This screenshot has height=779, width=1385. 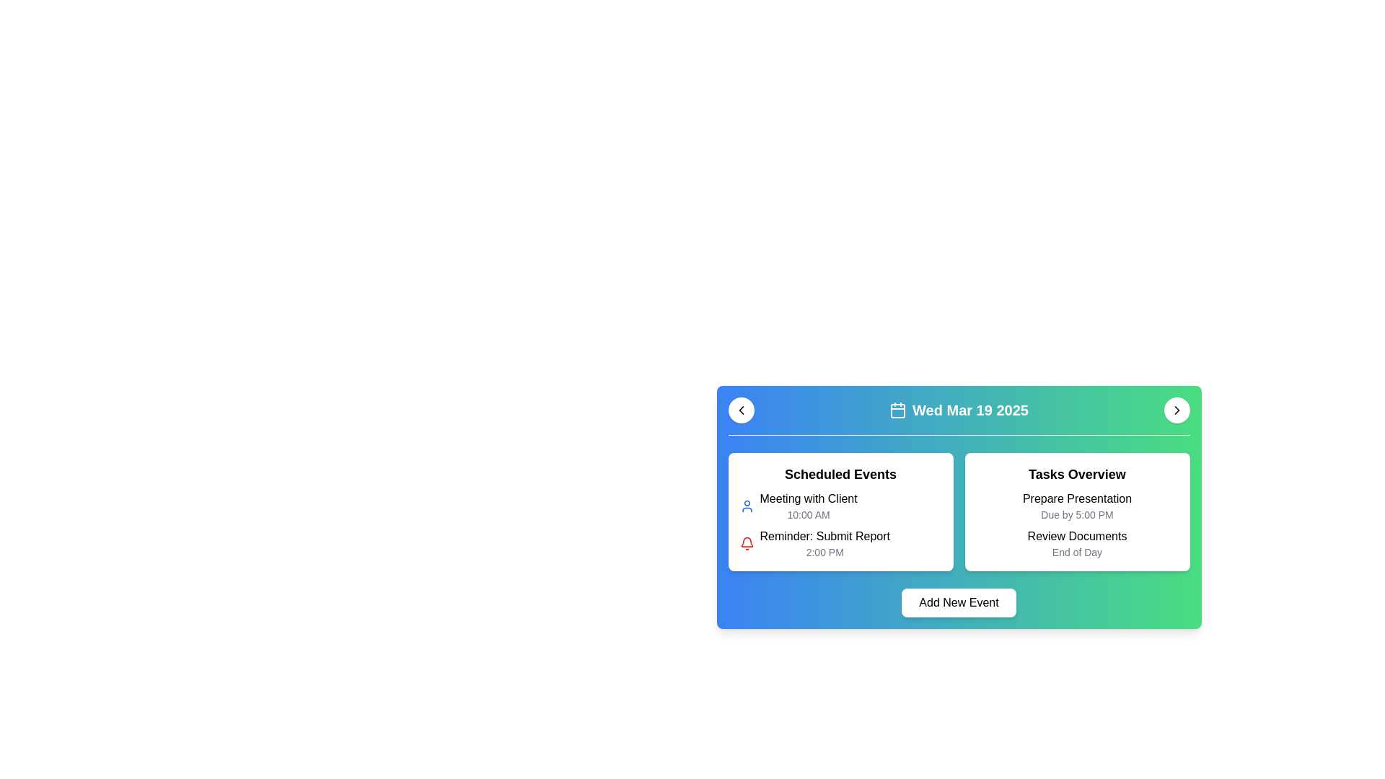 I want to click on notification text label for the task 'Submit Report' located in the 'Scheduled Events' section, below the 'Meeting with Client' entry, so click(x=825, y=537).